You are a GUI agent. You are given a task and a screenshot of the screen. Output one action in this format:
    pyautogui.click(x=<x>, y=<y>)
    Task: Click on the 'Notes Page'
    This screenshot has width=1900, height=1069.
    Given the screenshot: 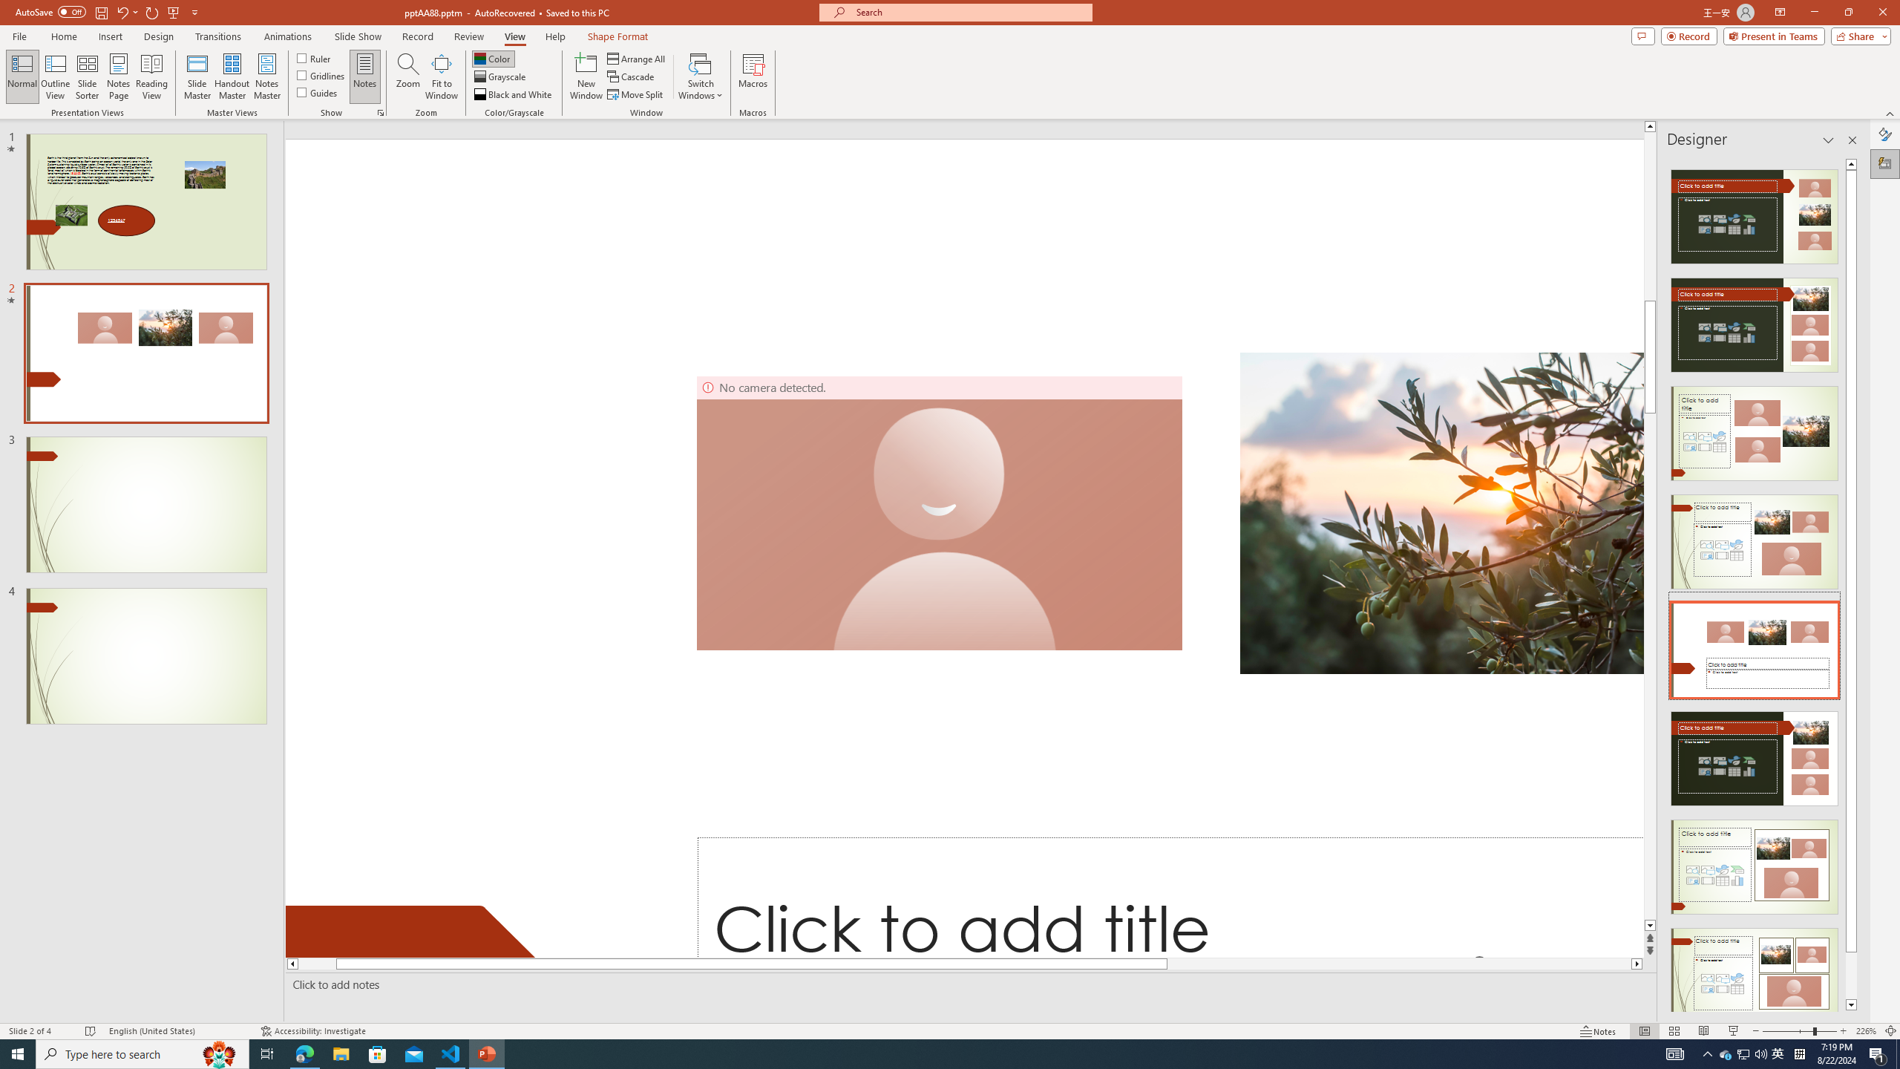 What is the action you would take?
    pyautogui.click(x=118, y=76)
    